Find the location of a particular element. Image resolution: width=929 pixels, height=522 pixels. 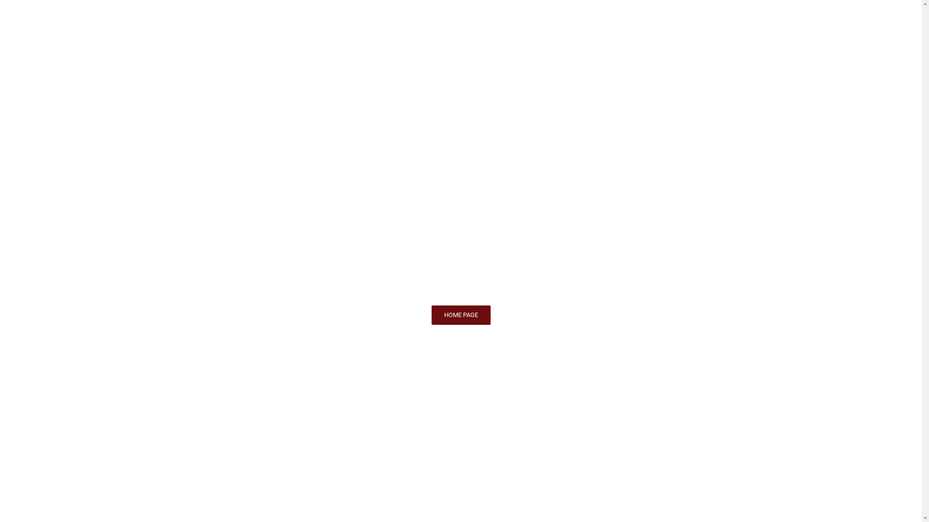

'HOME PAGE' is located at coordinates (461, 315).